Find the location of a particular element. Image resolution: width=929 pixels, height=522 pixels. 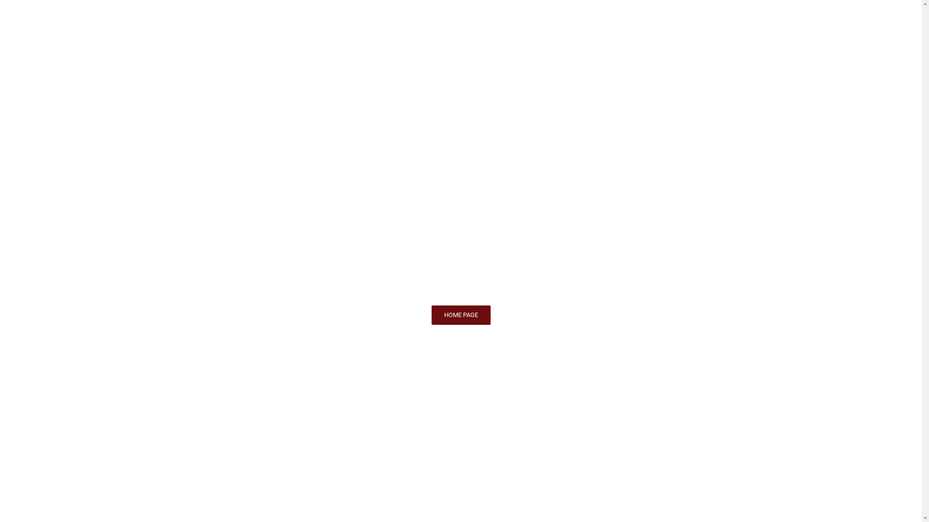

'HOME PAGE' is located at coordinates (461, 315).